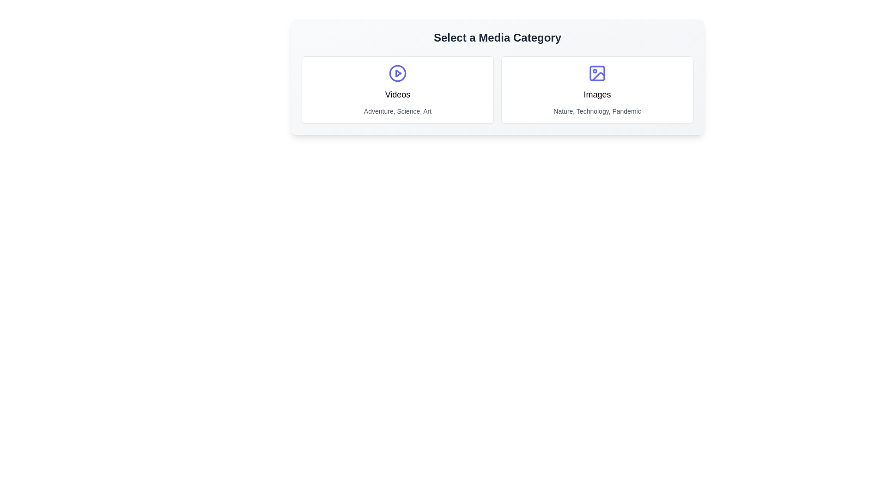 The width and height of the screenshot is (887, 499). Describe the element at coordinates (597, 90) in the screenshot. I see `the category Images` at that location.